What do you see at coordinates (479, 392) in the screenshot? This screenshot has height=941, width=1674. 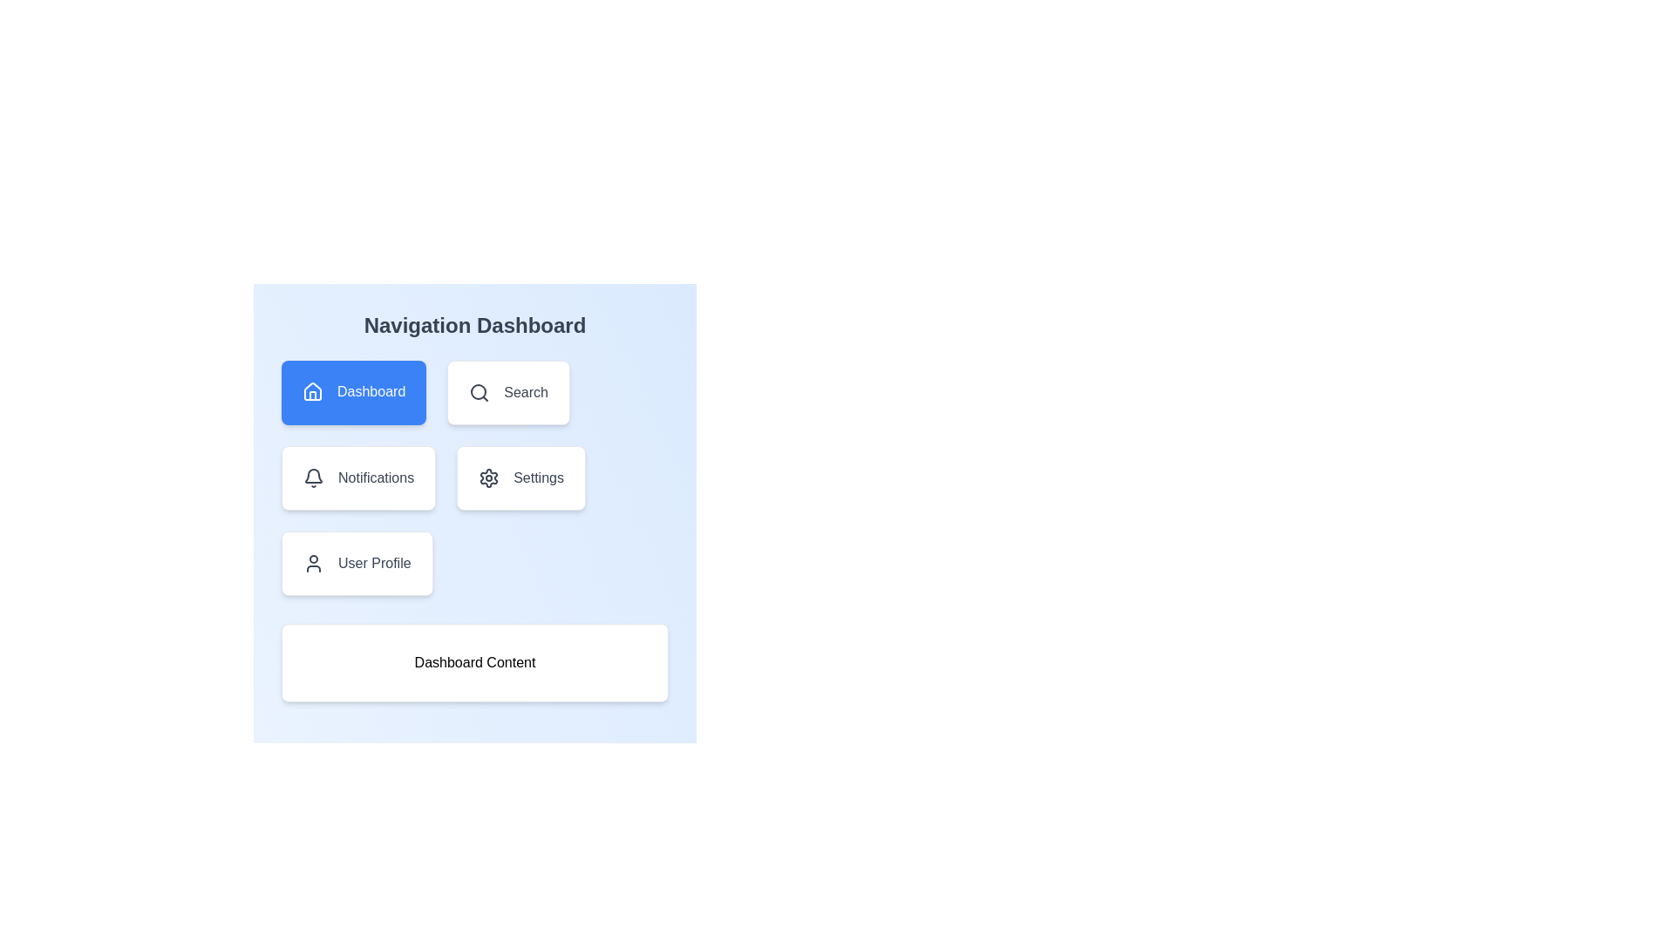 I see `the Decorative SVG circle that represents the lens portion of the search icon` at bounding box center [479, 392].